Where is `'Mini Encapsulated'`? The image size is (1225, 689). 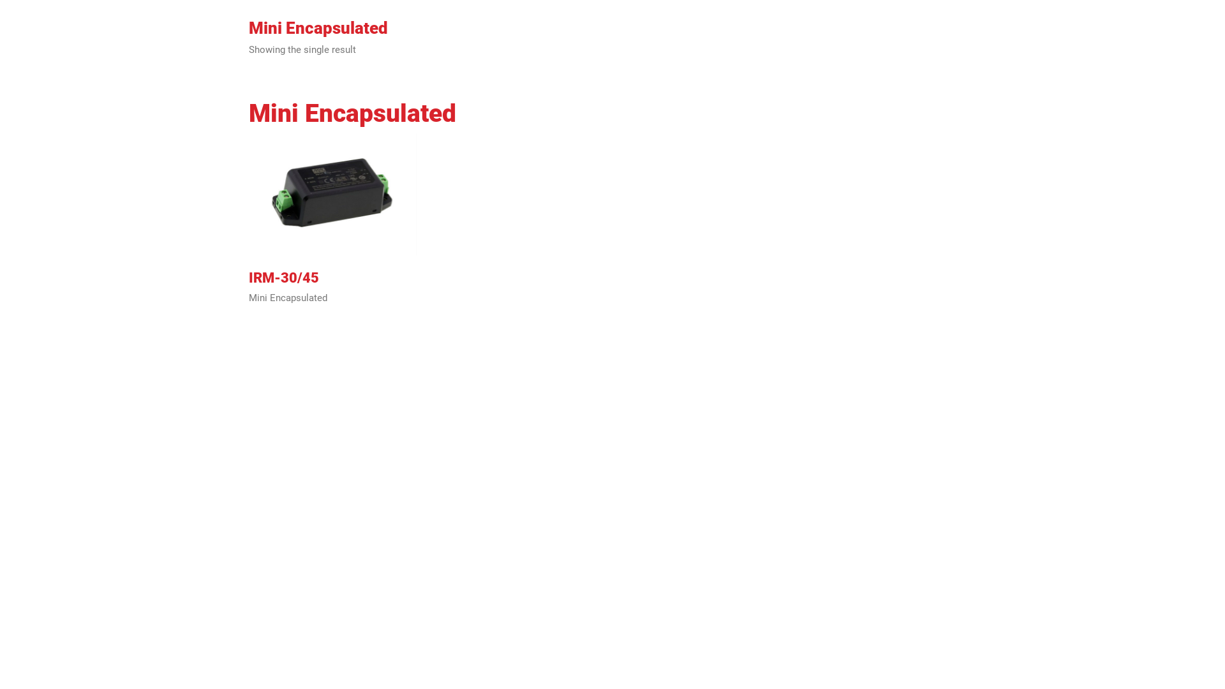
'Mini Encapsulated' is located at coordinates (287, 298).